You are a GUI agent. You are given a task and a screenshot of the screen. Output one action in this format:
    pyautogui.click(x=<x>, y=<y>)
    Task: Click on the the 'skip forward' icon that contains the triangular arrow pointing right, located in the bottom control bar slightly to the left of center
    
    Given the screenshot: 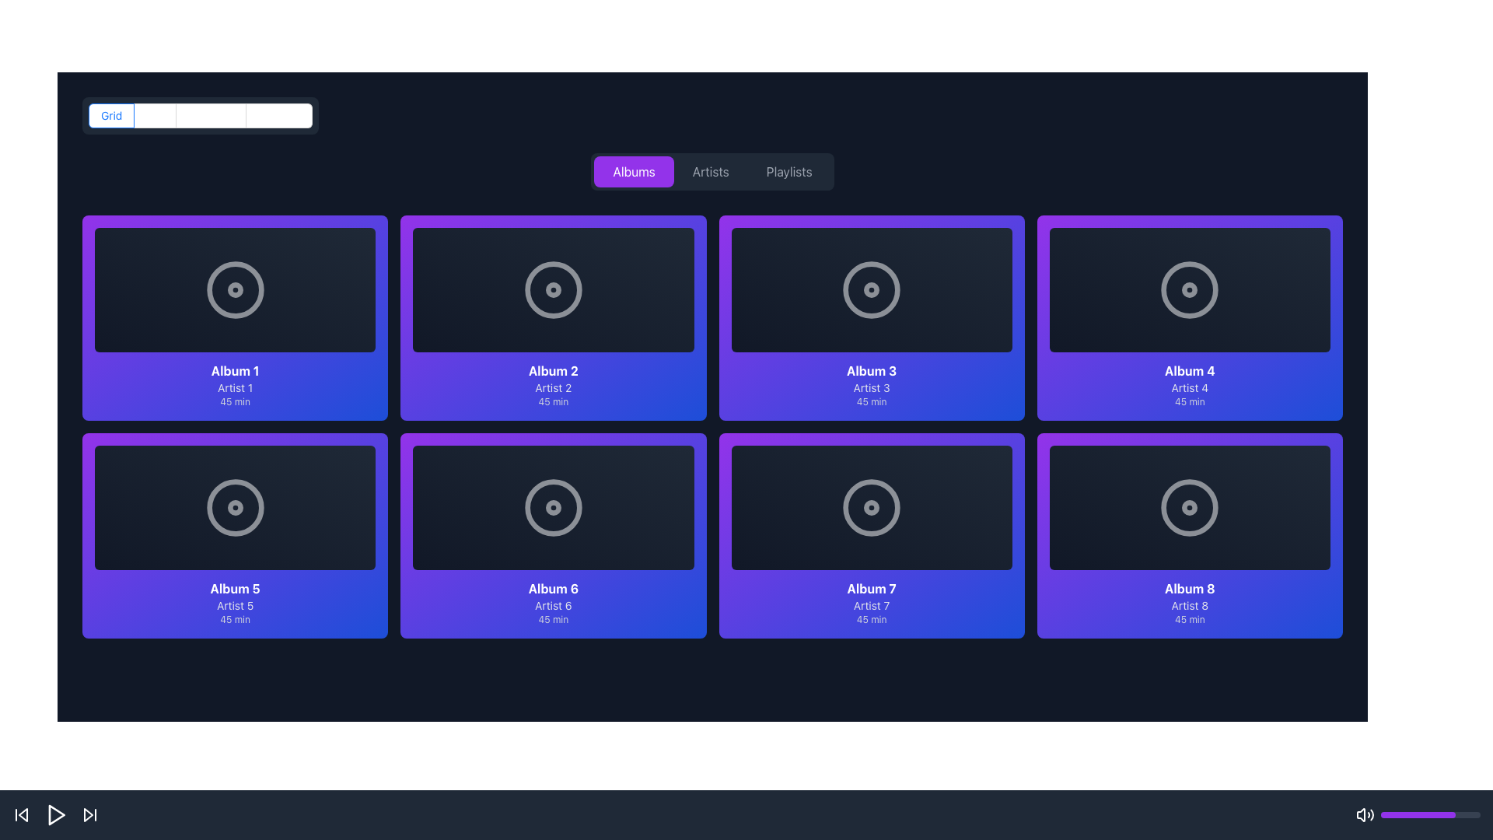 What is the action you would take?
    pyautogui.click(x=88, y=814)
    